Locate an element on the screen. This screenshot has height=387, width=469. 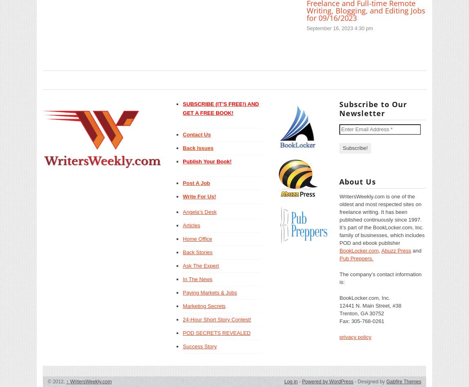
'SUBSCRIBE (IT’S FREE!) AND GET A FREE BOOK!' is located at coordinates (183, 108).